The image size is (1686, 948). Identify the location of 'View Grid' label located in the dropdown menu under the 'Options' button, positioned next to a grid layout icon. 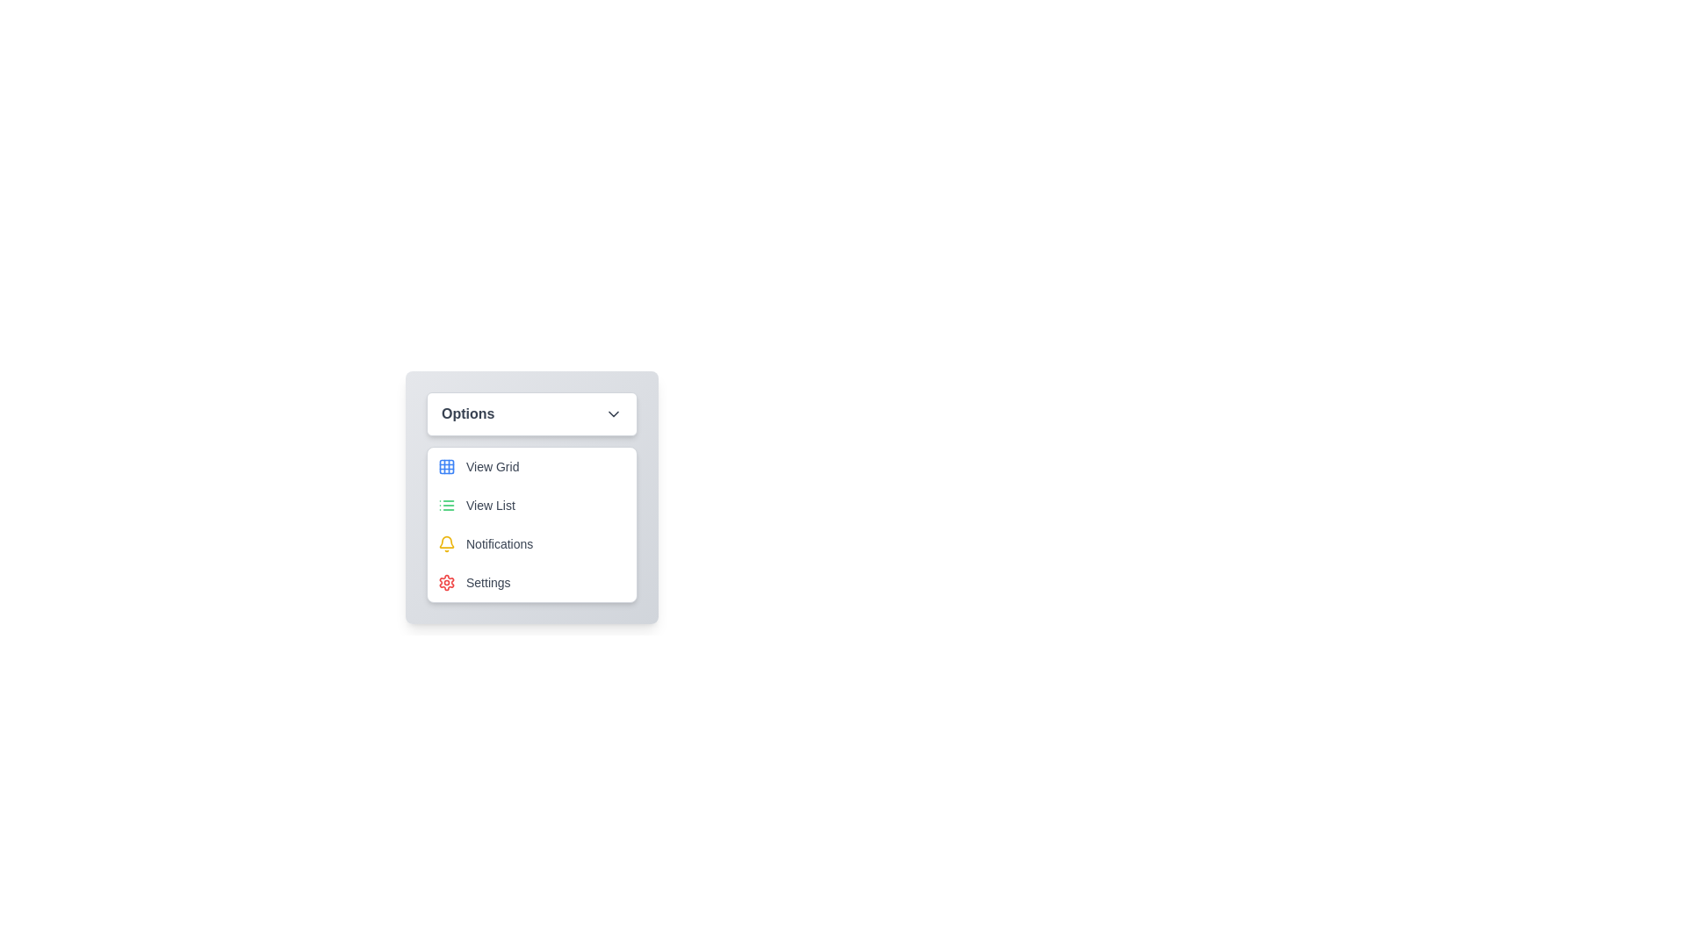
(492, 466).